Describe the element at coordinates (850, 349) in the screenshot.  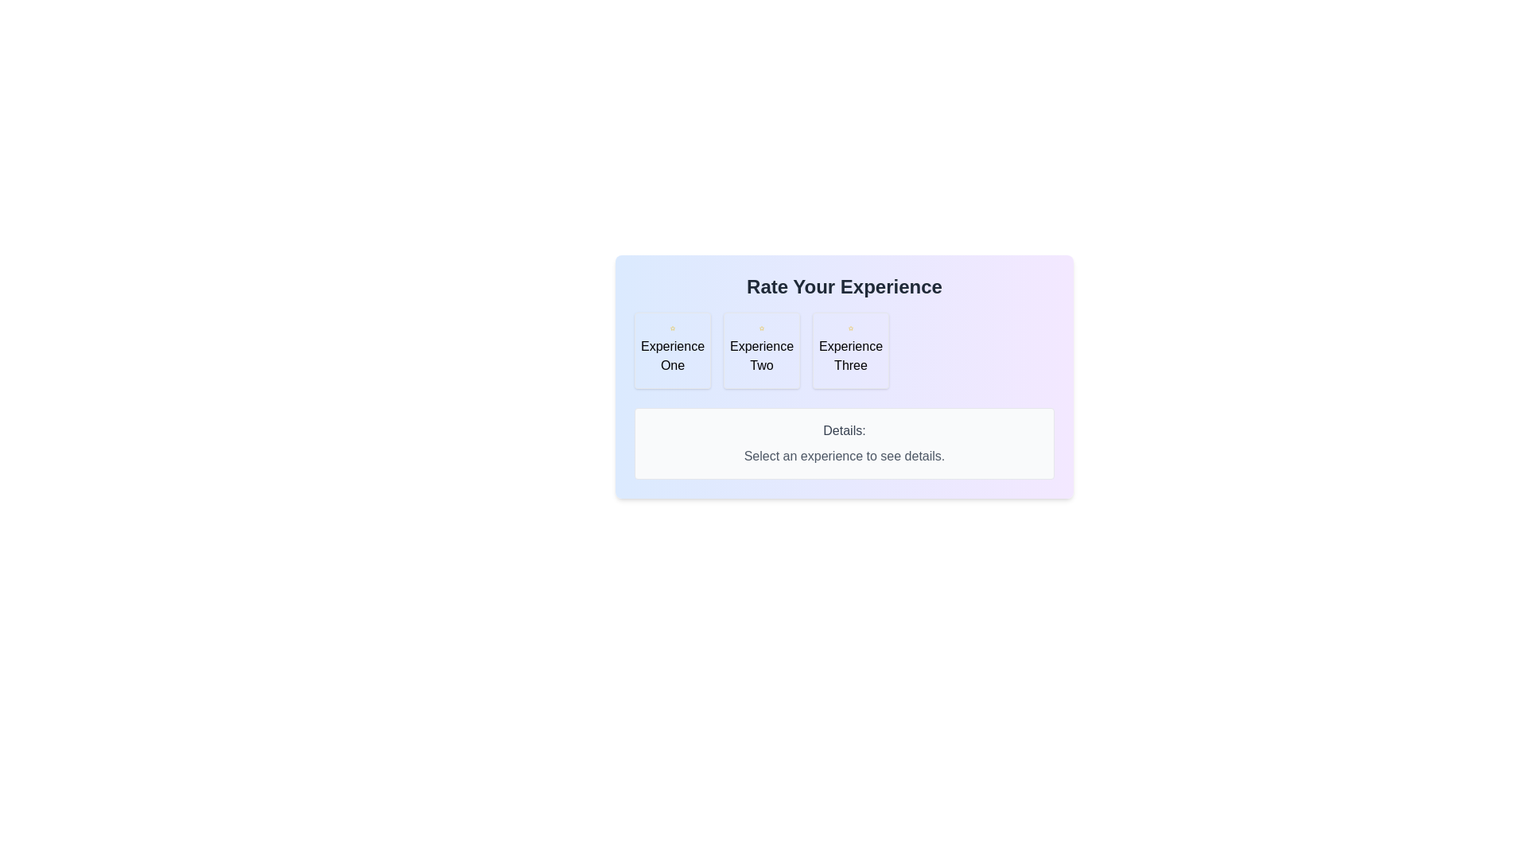
I see `the selectable card representing 'Experience Three', which is the third item in a group of three horizontally aligned cards` at that location.